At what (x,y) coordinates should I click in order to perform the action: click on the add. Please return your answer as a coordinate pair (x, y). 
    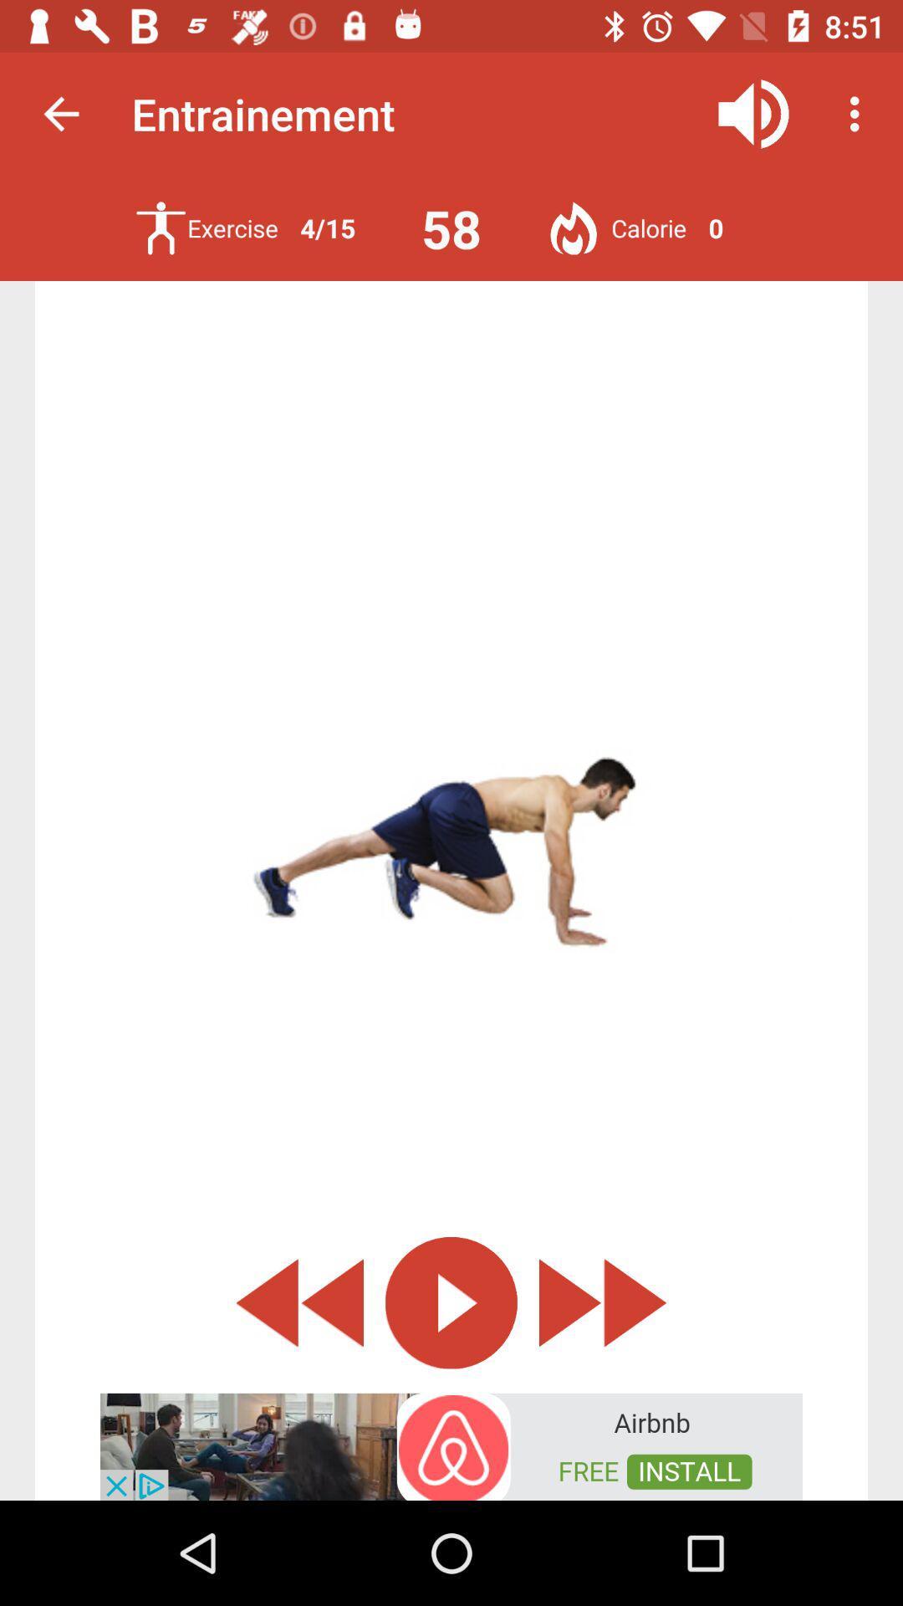
    Looking at the image, I should click on (298, 1302).